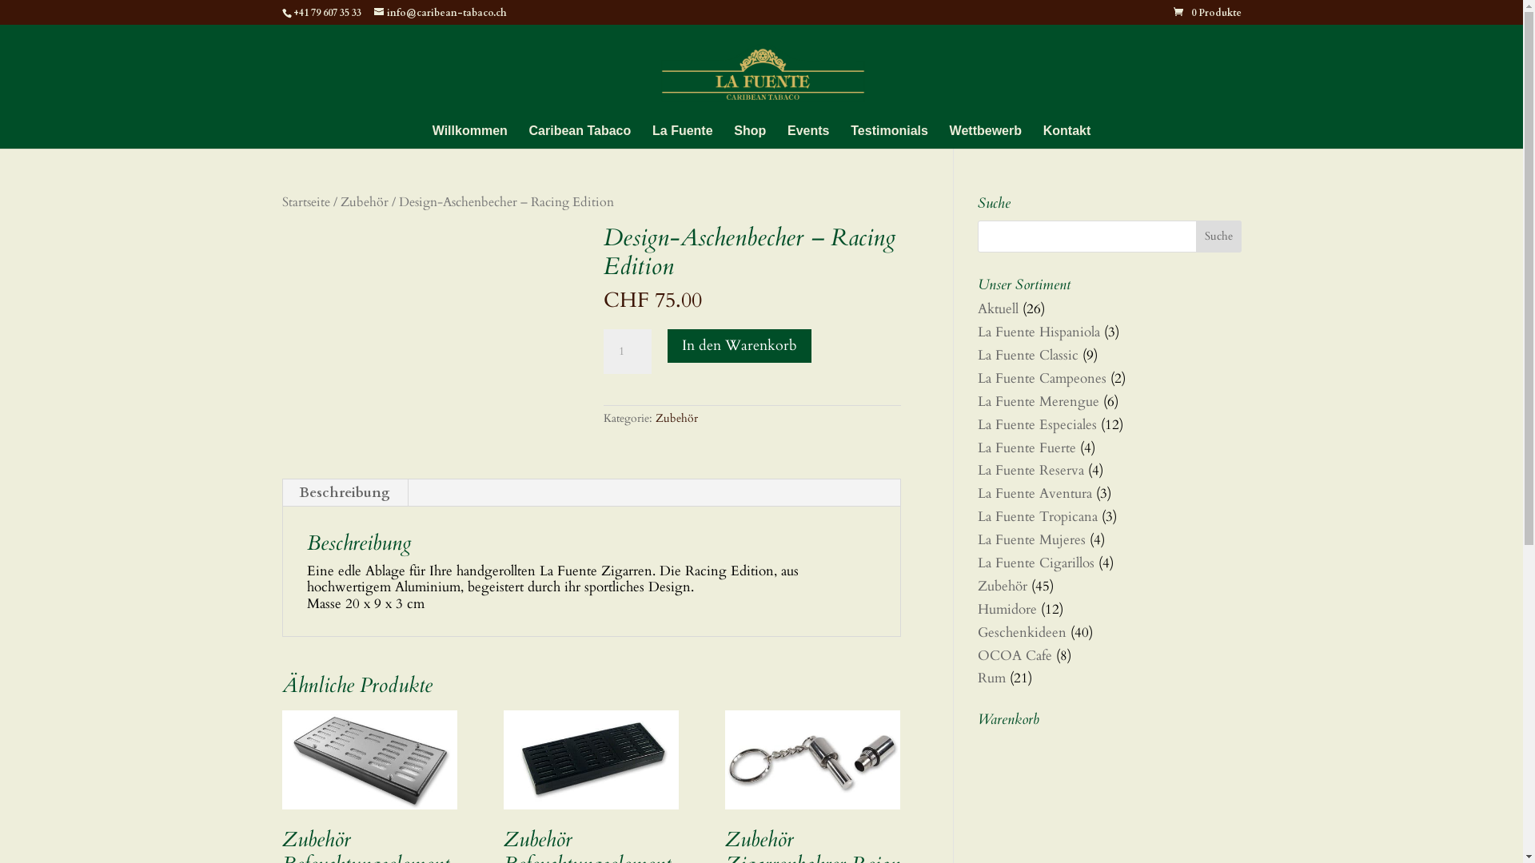  What do you see at coordinates (990, 678) in the screenshot?
I see `'Rum'` at bounding box center [990, 678].